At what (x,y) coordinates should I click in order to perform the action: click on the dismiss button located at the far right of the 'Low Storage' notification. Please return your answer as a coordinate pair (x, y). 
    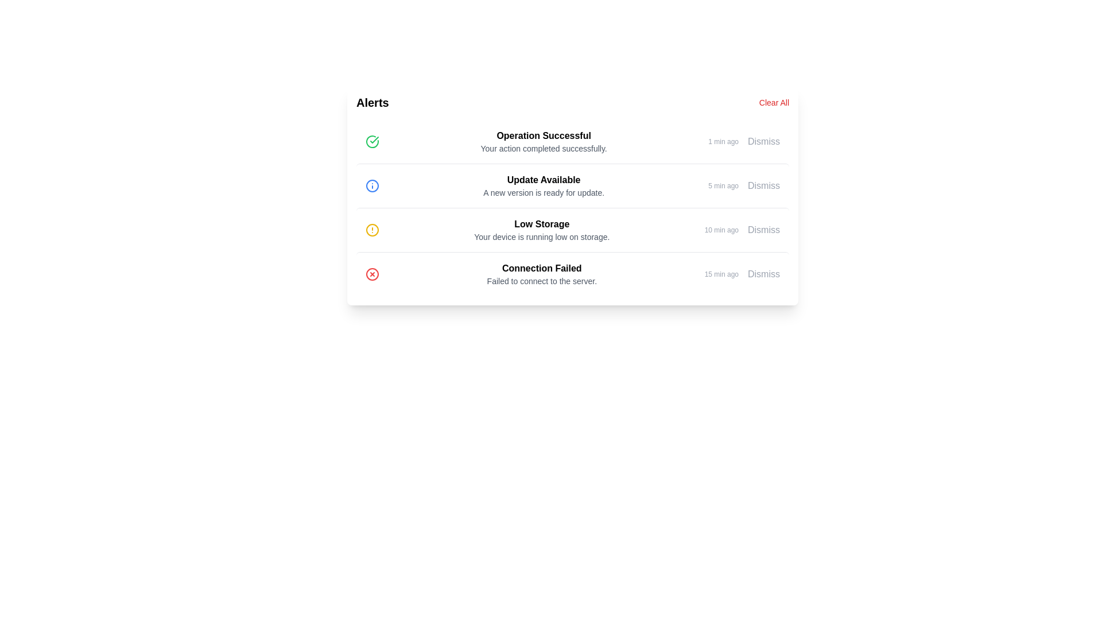
    Looking at the image, I should click on (763, 230).